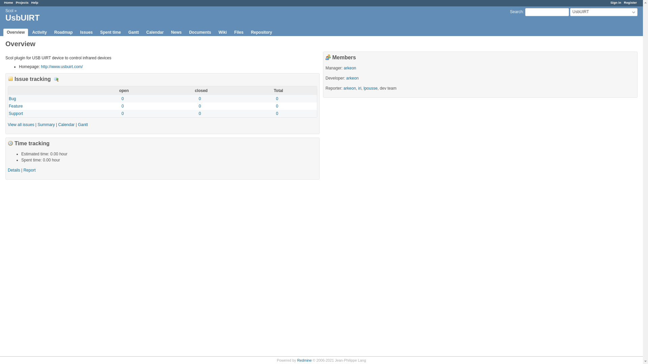 Image resolution: width=648 pixels, height=364 pixels. I want to click on 'Scol', so click(9, 10).